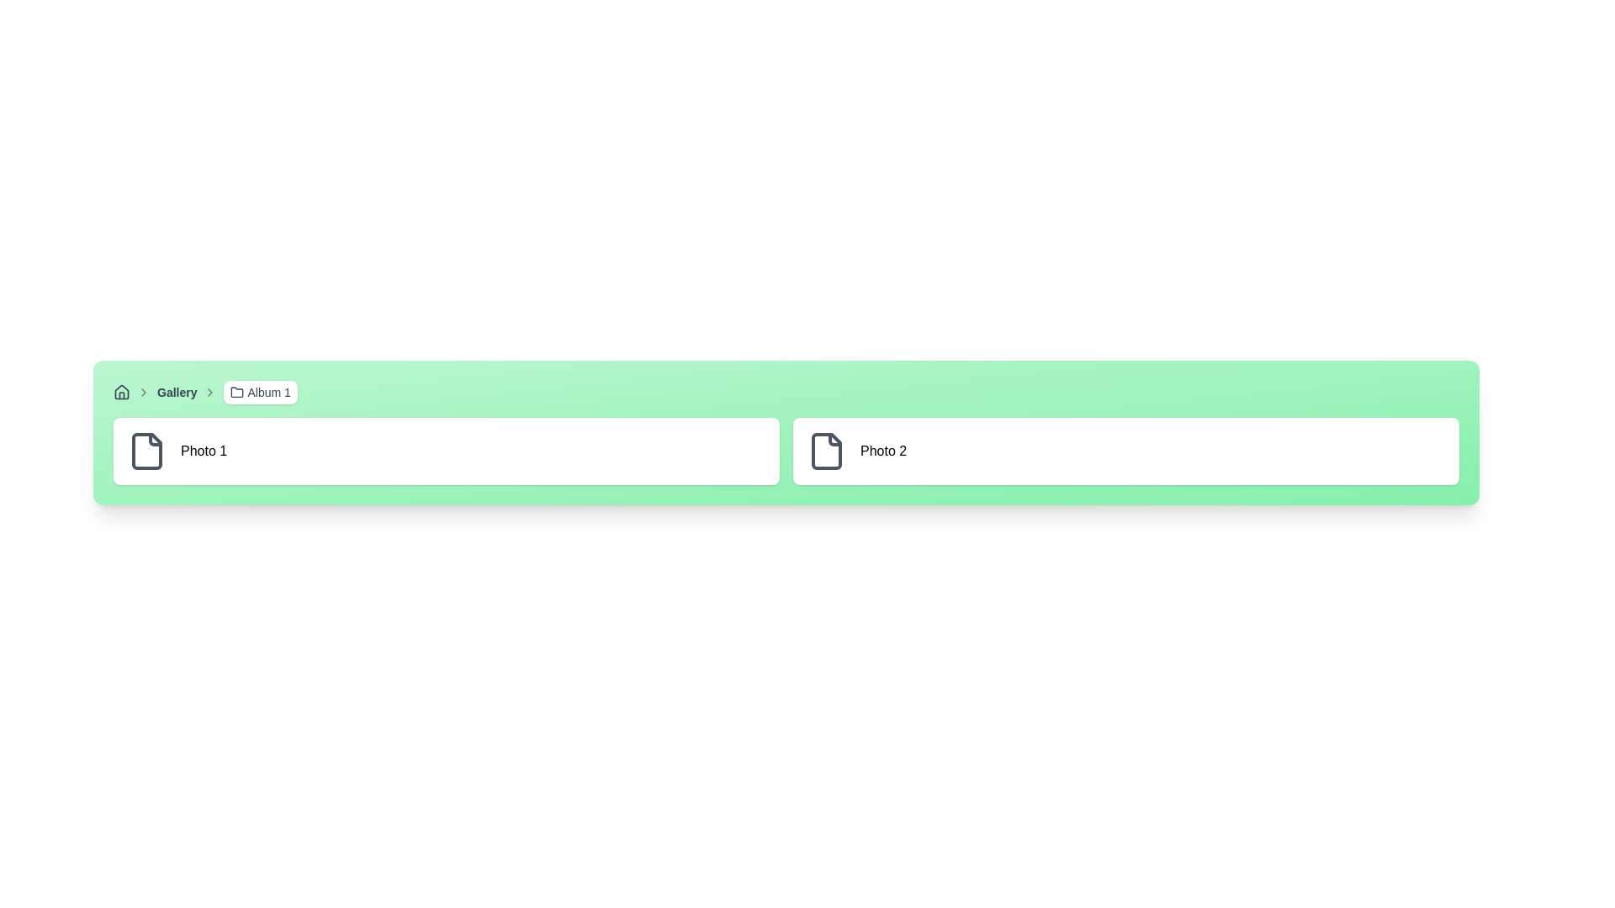 Image resolution: width=1615 pixels, height=908 pixels. What do you see at coordinates (209, 392) in the screenshot?
I see `the third chevron icon in the breadcrumb navigation, which visually separates items and indicates hierarchy, located between 'Gallery' and 'Album 1'` at bounding box center [209, 392].